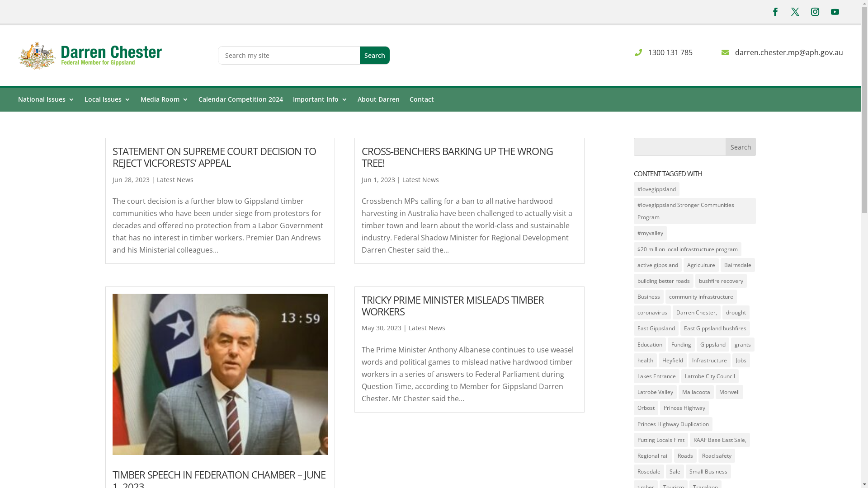  Describe the element at coordinates (93, 56) in the screenshot. I see `'logo@2x'` at that location.